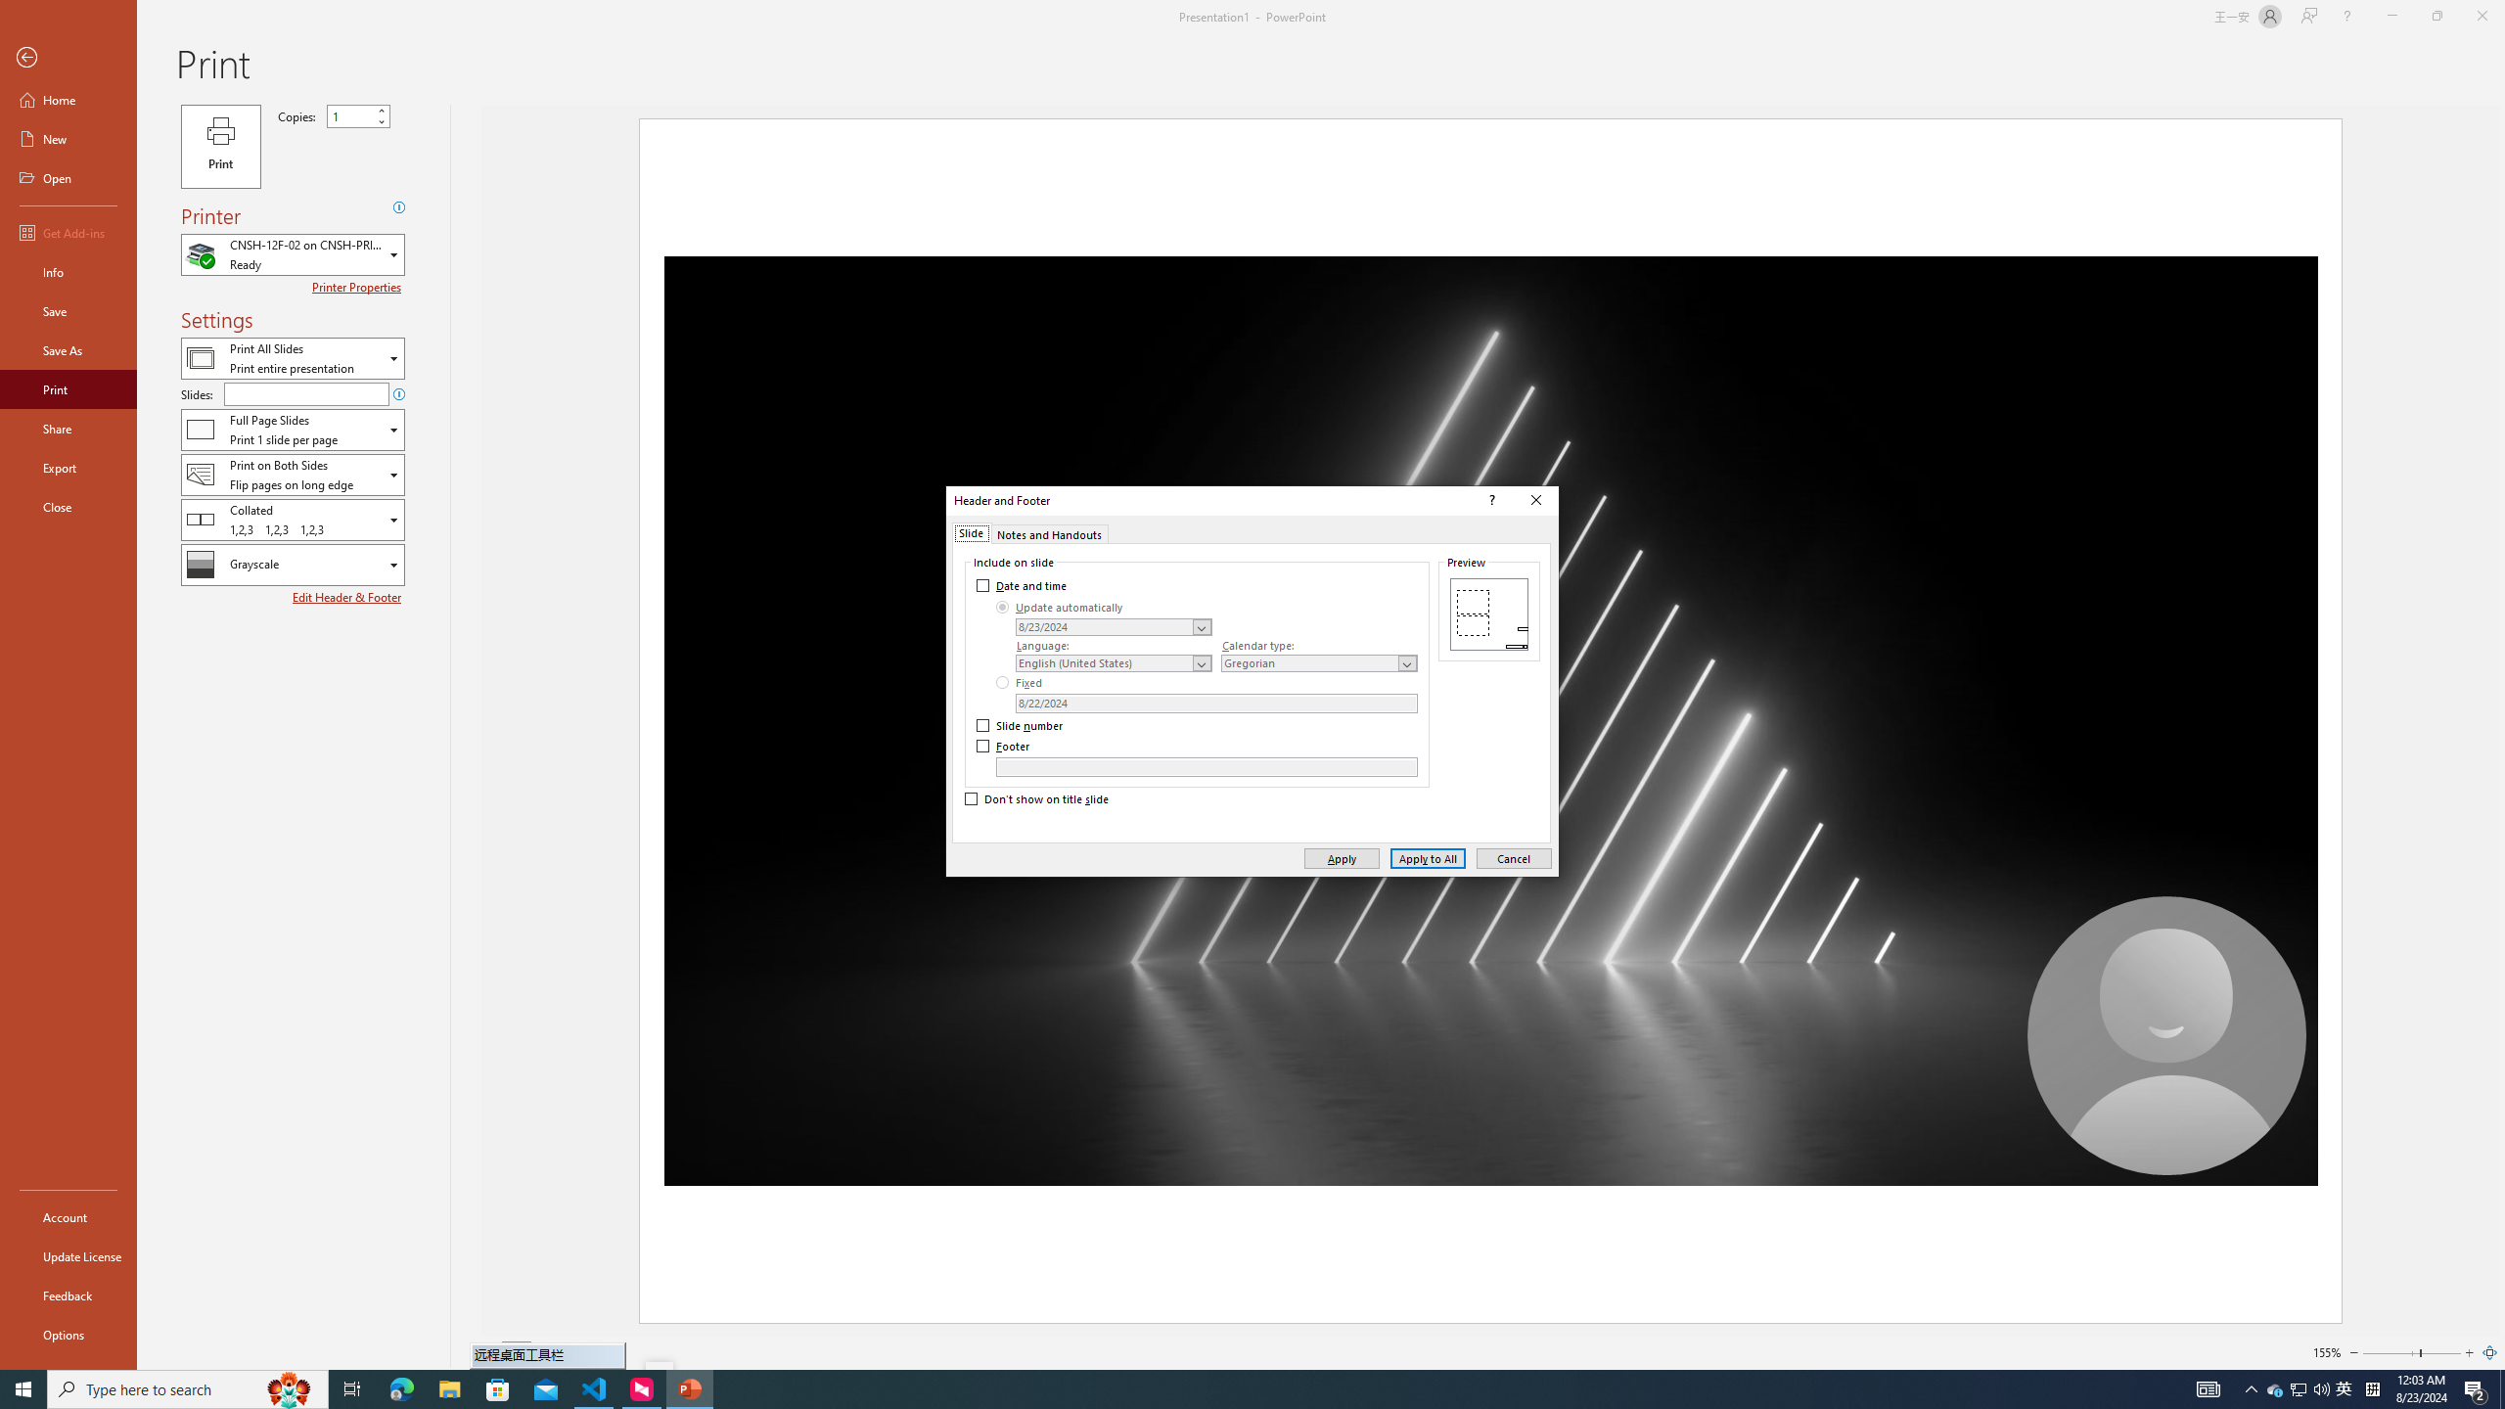 The height and width of the screenshot is (1409, 2505). I want to click on 'Zoom to Page', so click(2488, 1352).